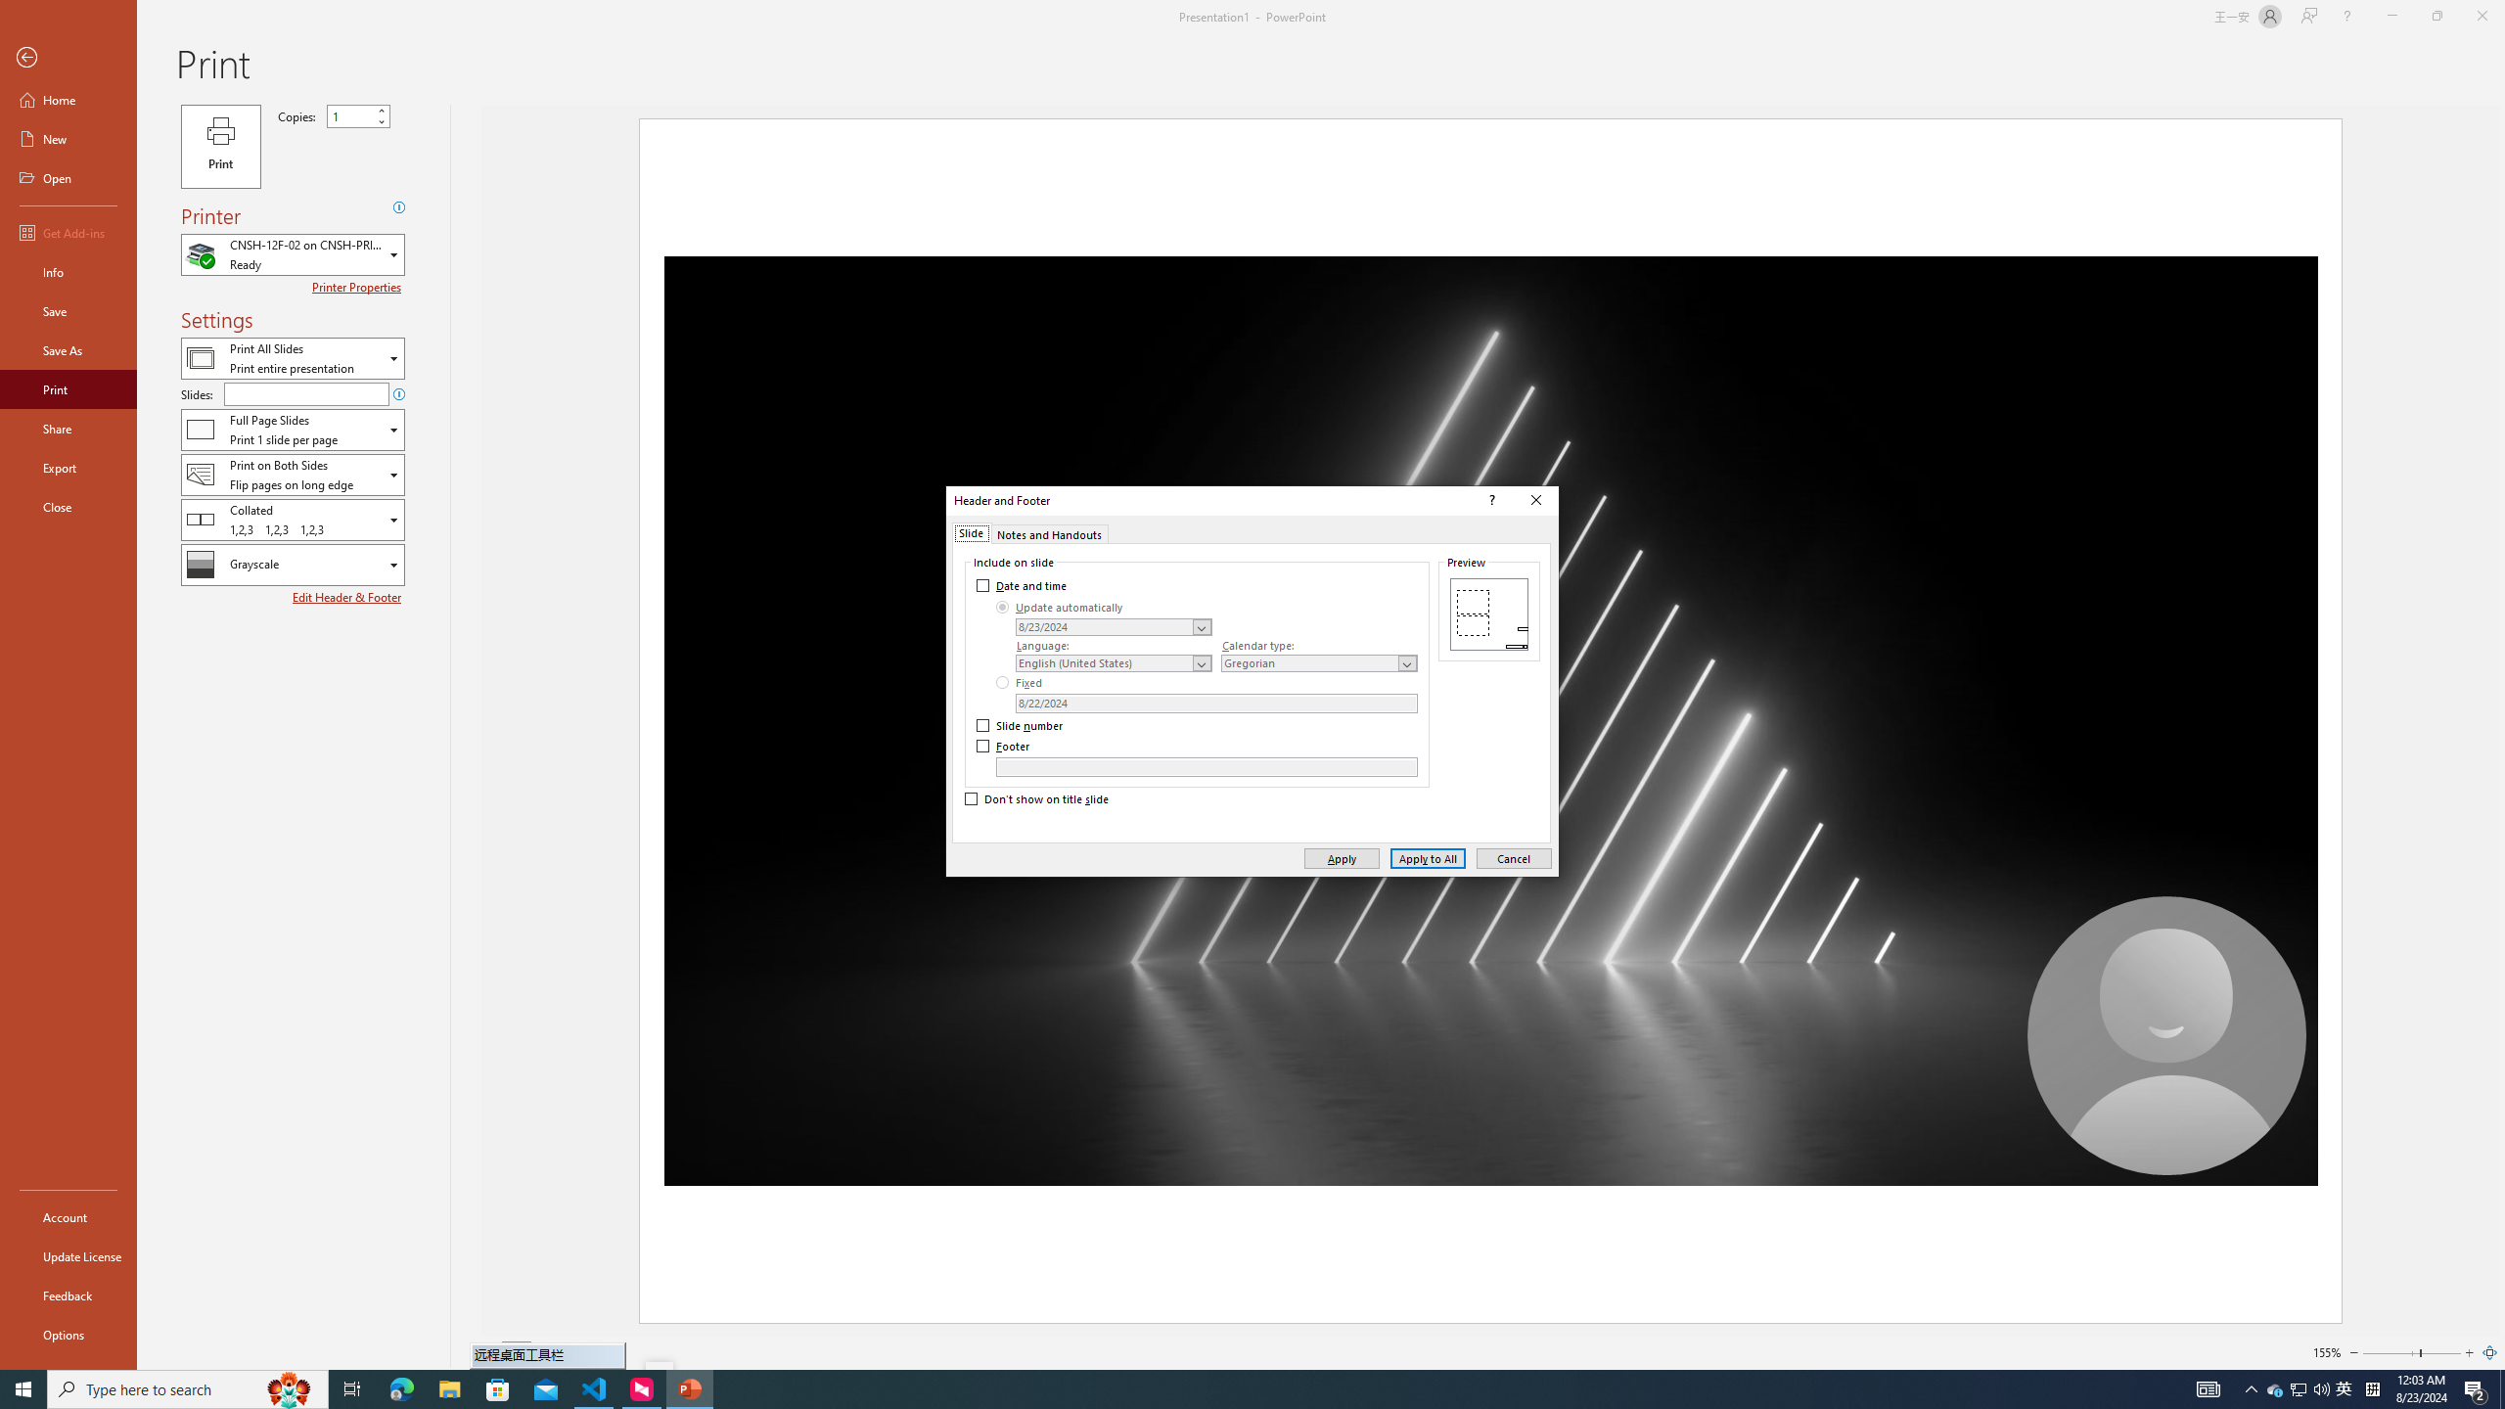 The height and width of the screenshot is (1409, 2505). I want to click on 'Zoom to Page', so click(2488, 1352).